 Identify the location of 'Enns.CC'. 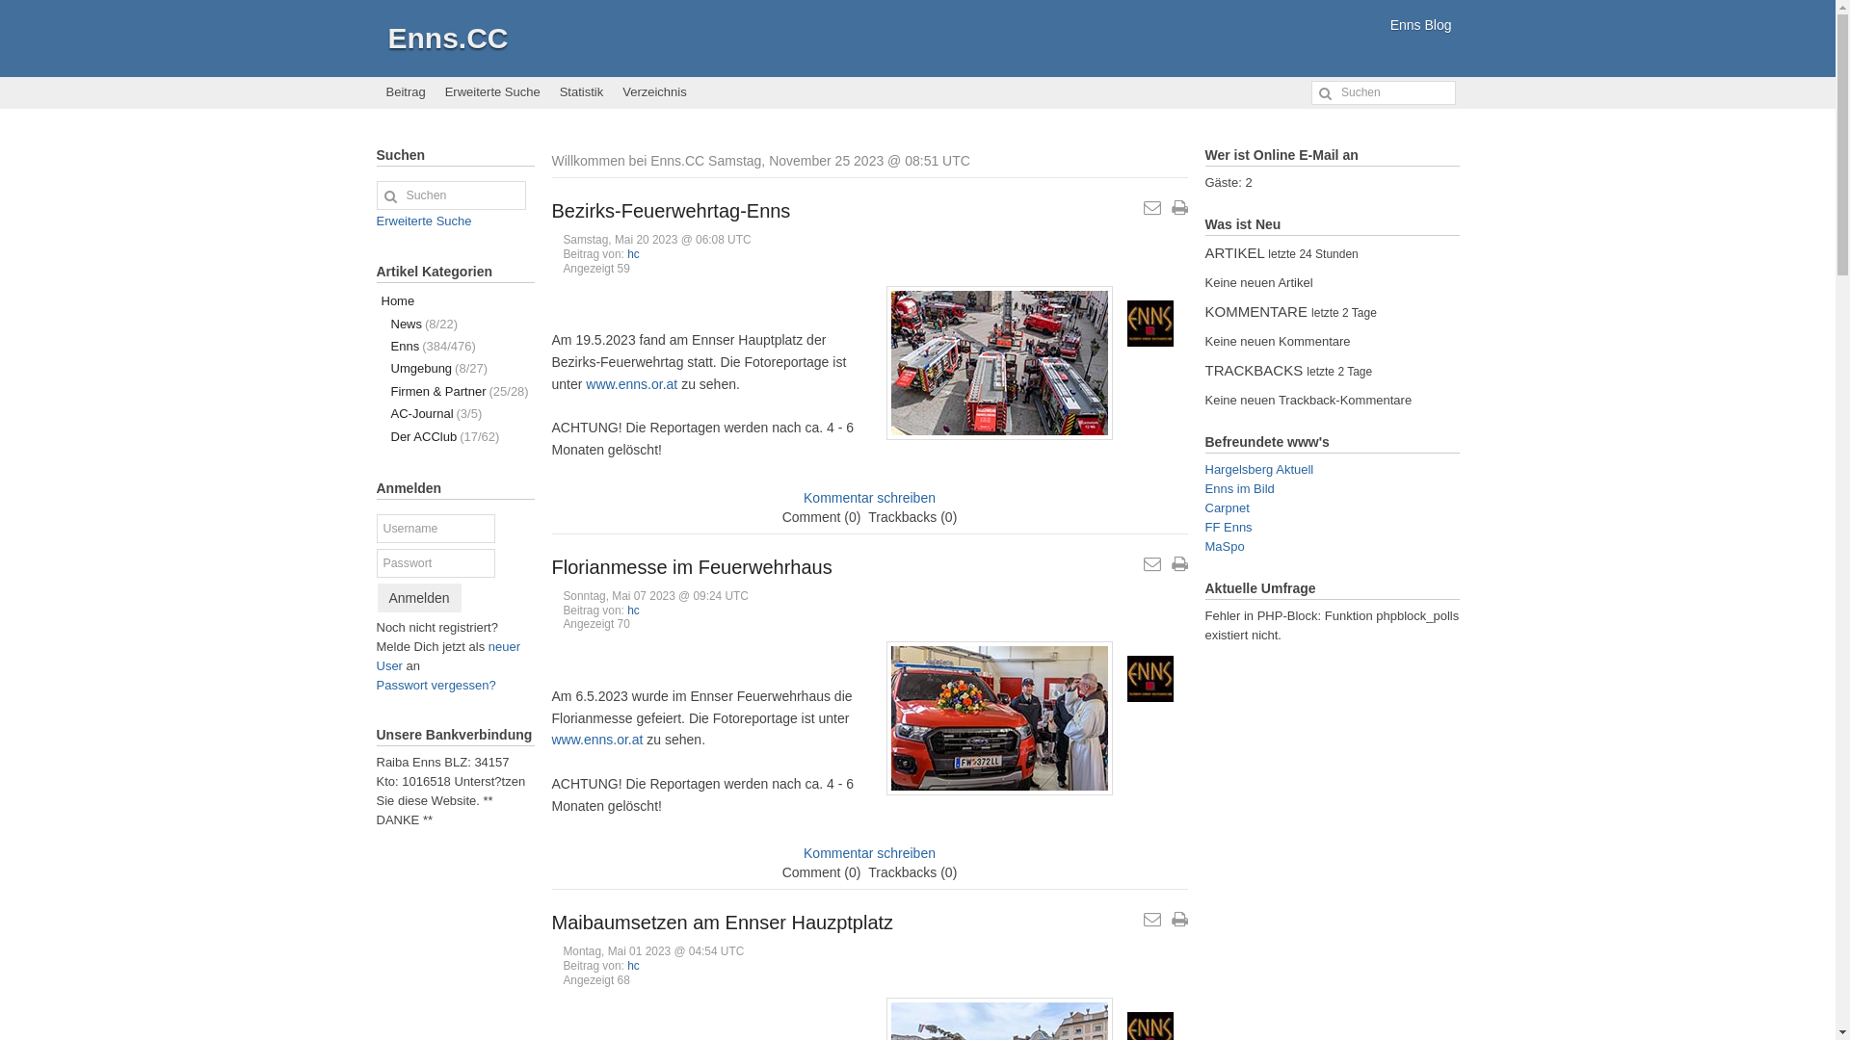
(446, 38).